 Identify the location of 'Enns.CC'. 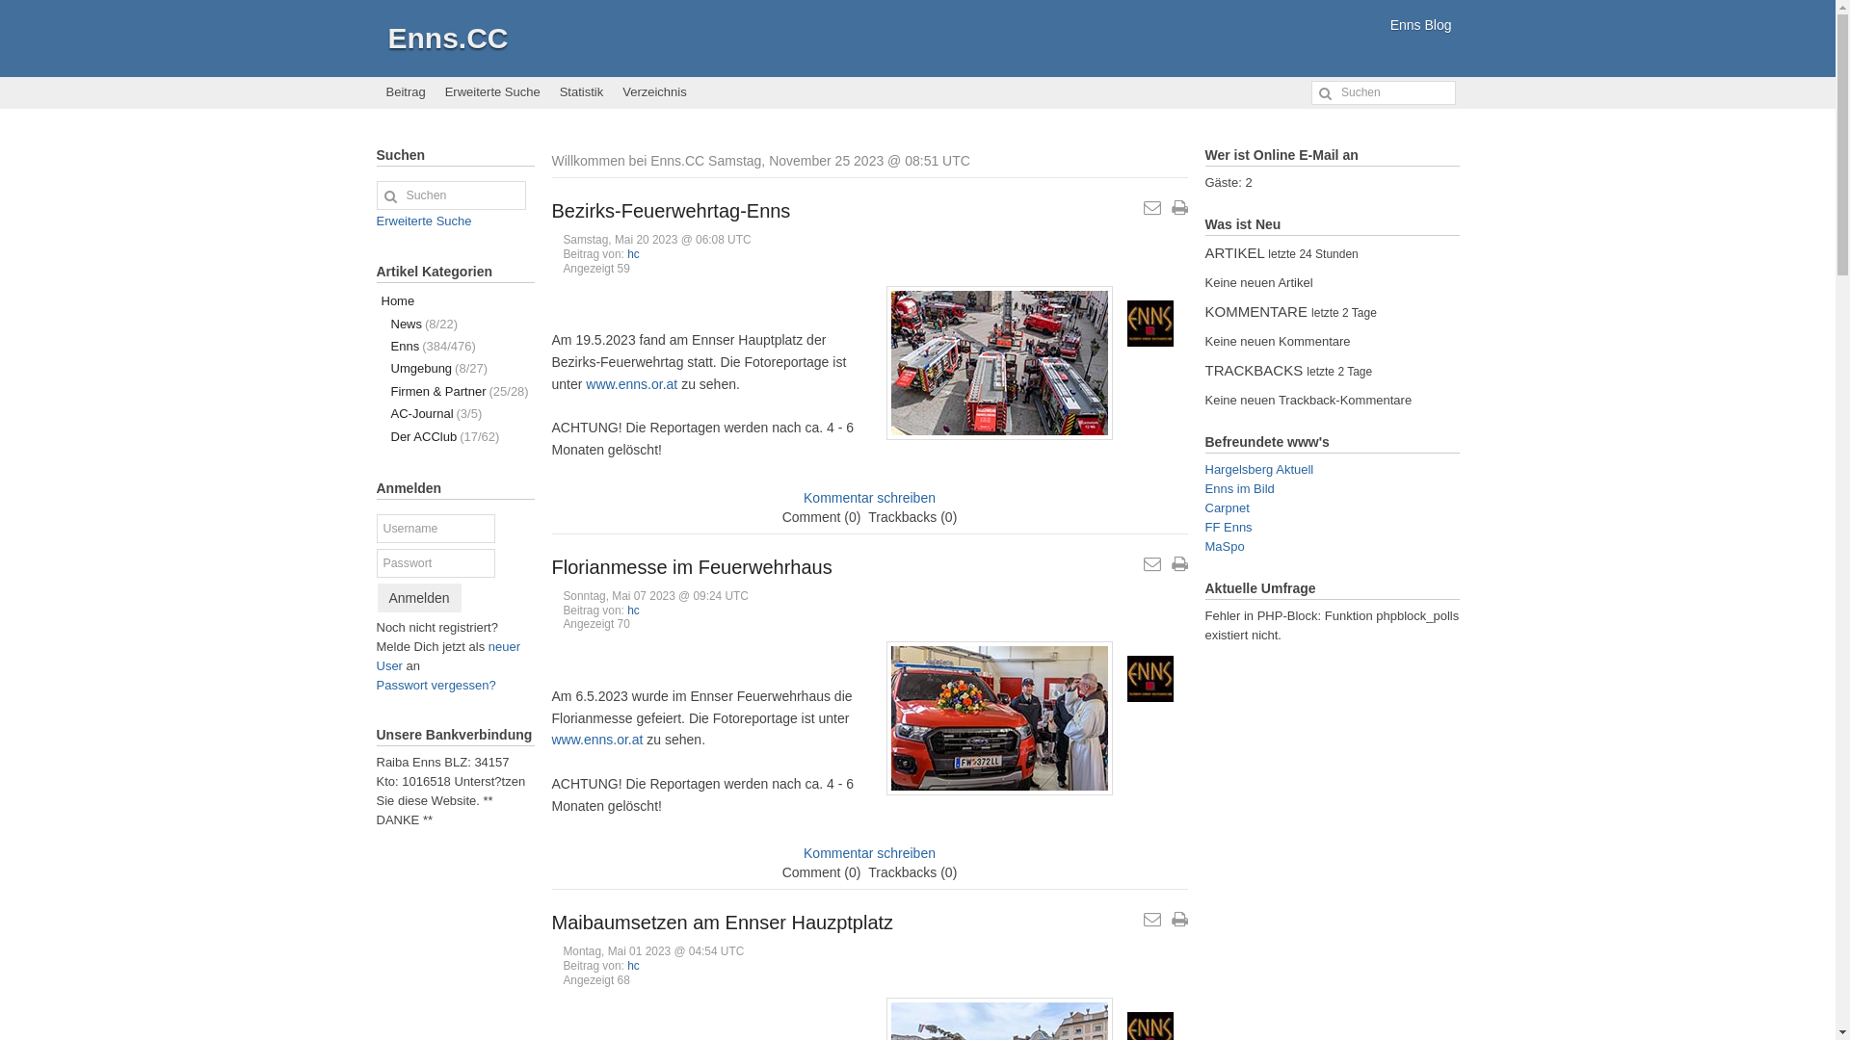
(446, 38).